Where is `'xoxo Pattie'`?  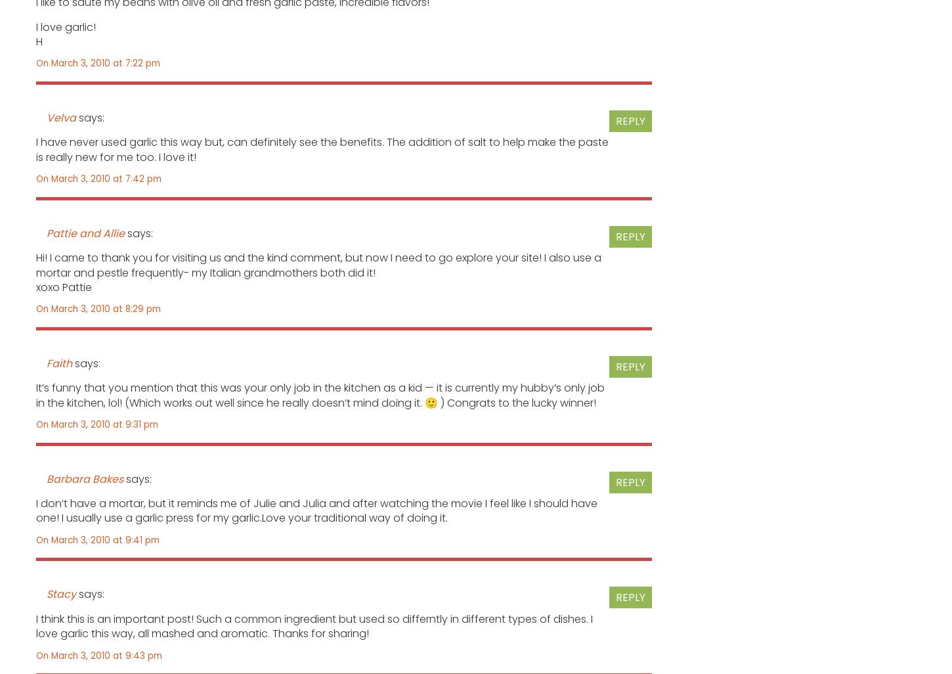
'xoxo Pattie' is located at coordinates (64, 286).